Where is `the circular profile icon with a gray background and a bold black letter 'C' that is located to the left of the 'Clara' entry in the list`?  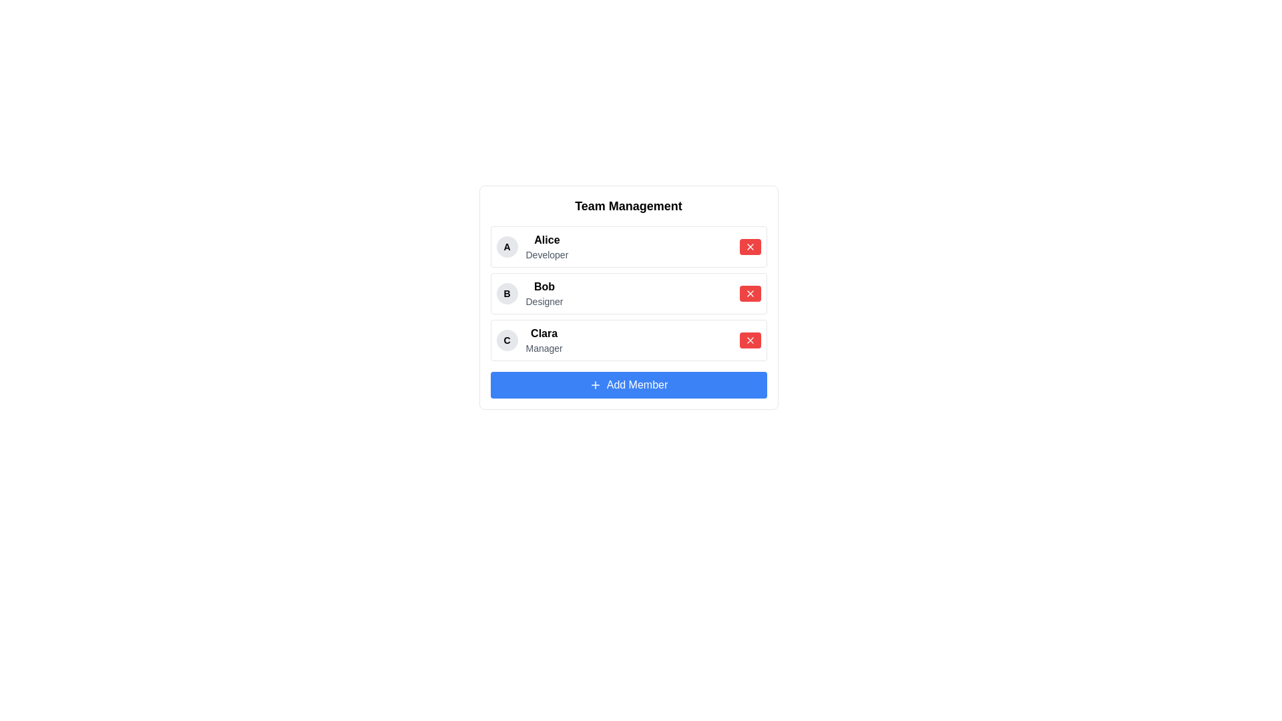 the circular profile icon with a gray background and a bold black letter 'C' that is located to the left of the 'Clara' entry in the list is located at coordinates (506, 339).